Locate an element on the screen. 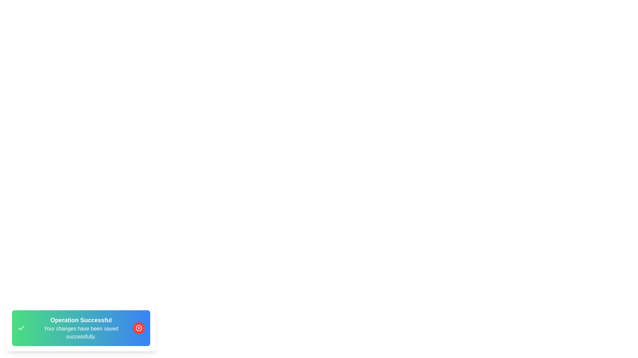 This screenshot has height=358, width=638. the close button of the snackbar to close it is located at coordinates (138, 328).